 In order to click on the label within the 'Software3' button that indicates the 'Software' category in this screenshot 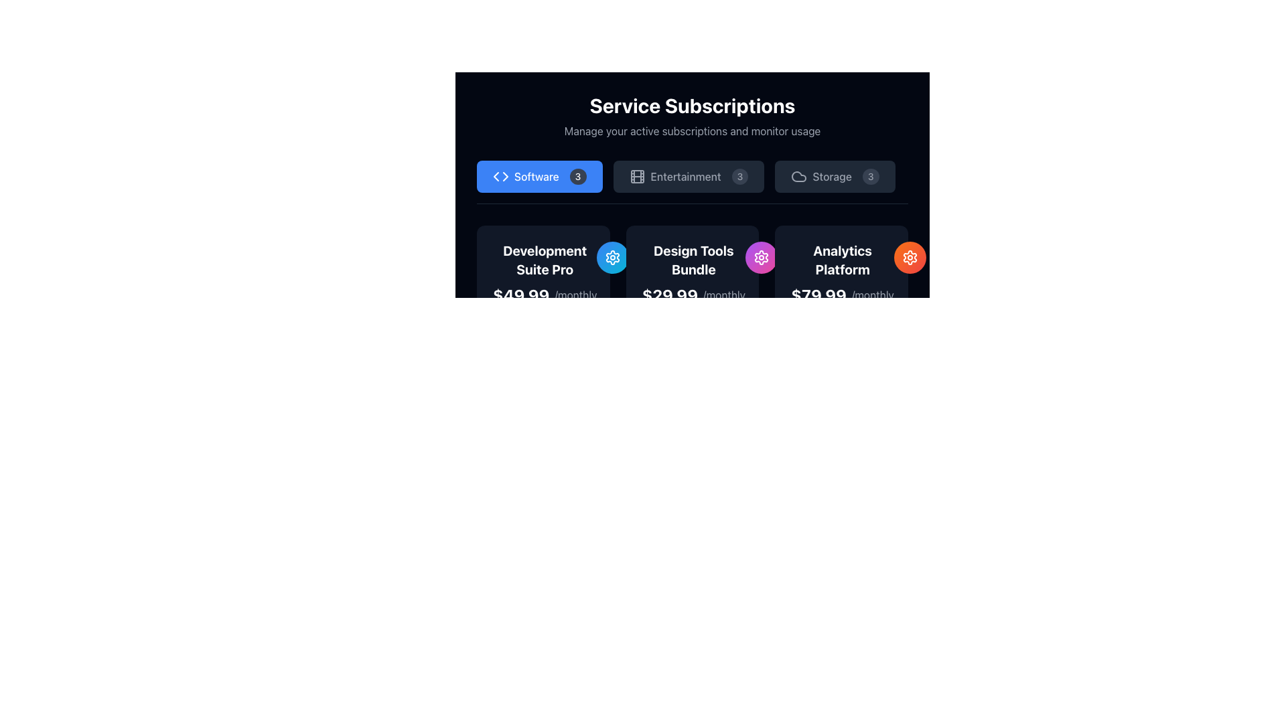, I will do `click(537, 175)`.